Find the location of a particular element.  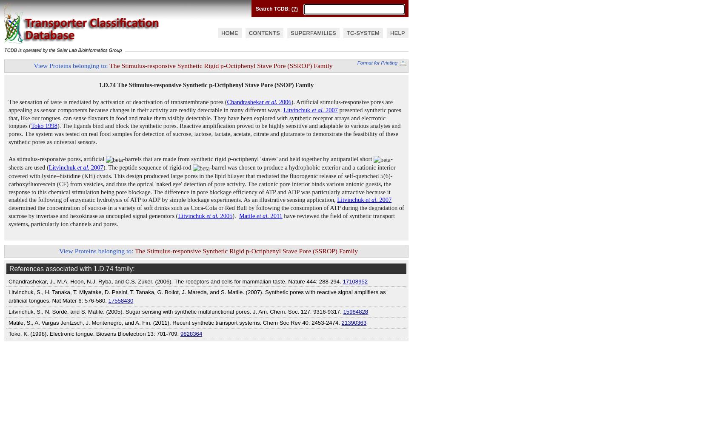

'SDSC' is located at coordinates (288, 12).